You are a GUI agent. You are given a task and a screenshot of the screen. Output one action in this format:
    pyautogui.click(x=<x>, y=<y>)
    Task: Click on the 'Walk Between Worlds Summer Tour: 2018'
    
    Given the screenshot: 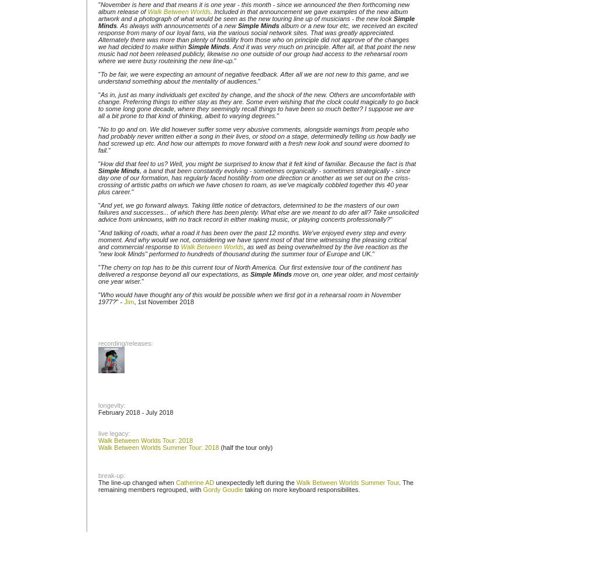 What is the action you would take?
    pyautogui.click(x=98, y=448)
    